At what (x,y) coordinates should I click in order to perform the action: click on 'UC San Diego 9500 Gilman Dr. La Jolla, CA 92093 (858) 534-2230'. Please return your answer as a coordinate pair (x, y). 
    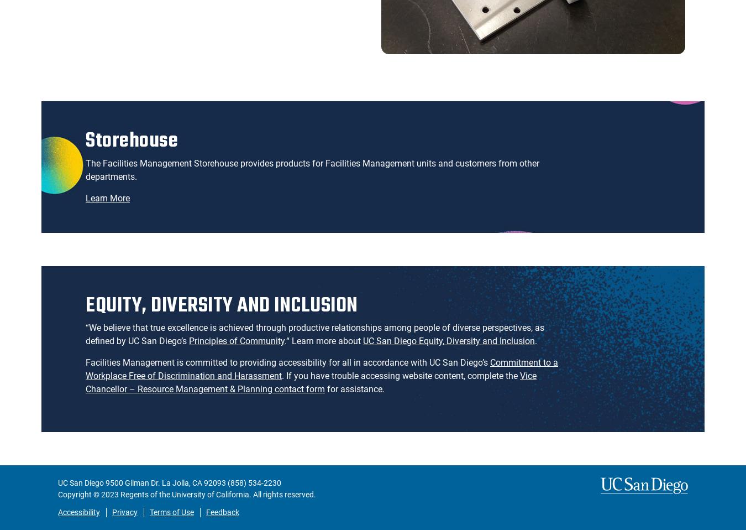
    Looking at the image, I should click on (57, 482).